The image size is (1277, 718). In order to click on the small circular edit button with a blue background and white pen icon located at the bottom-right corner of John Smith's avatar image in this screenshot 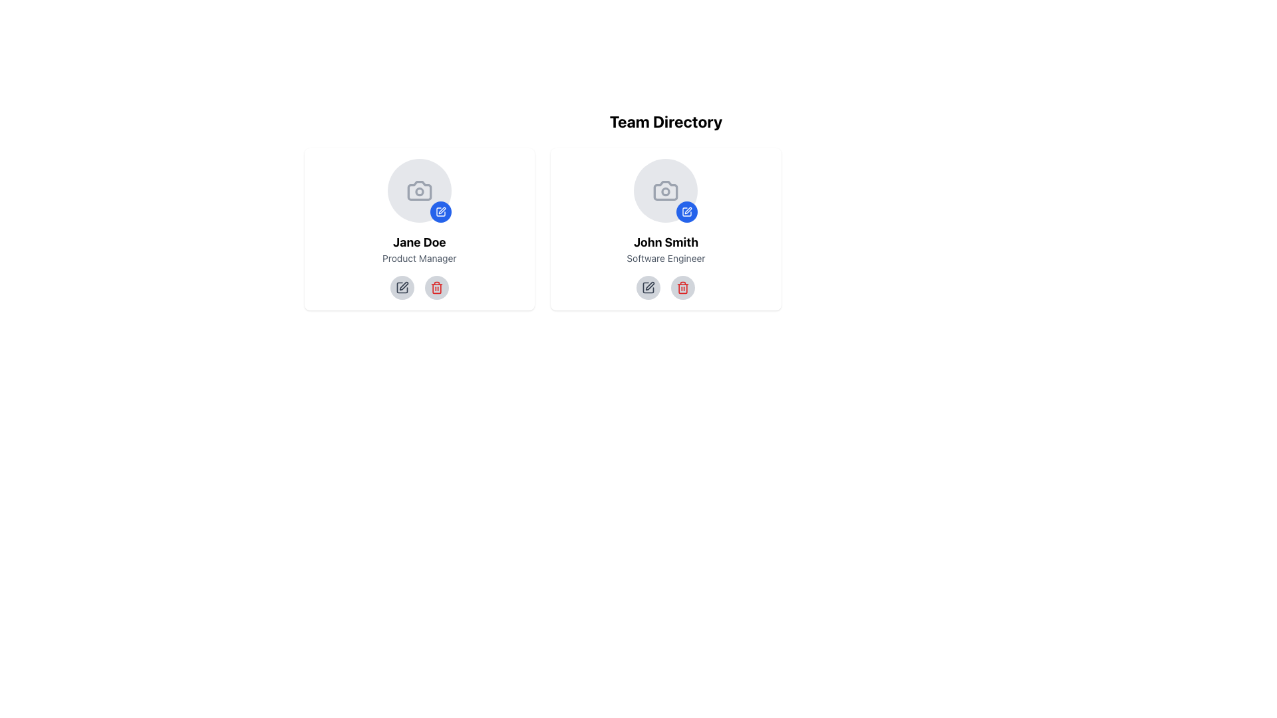, I will do `click(686, 211)`.